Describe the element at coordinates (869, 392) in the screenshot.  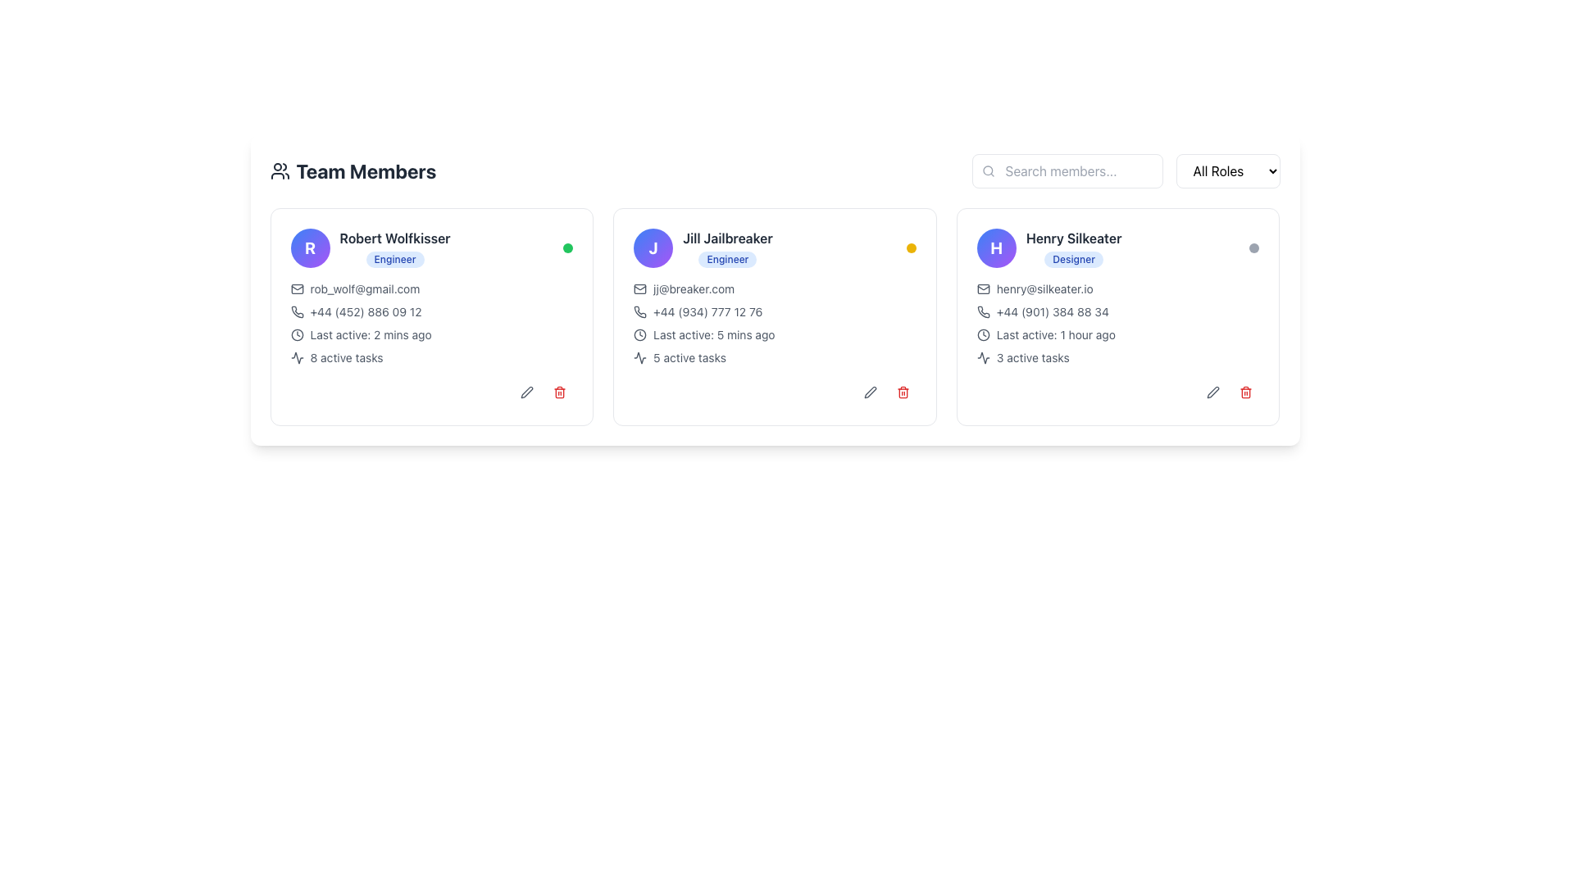
I see `the edit icon, which is a small pen-shaped icon located within the card of user Henry Silkeater` at that location.